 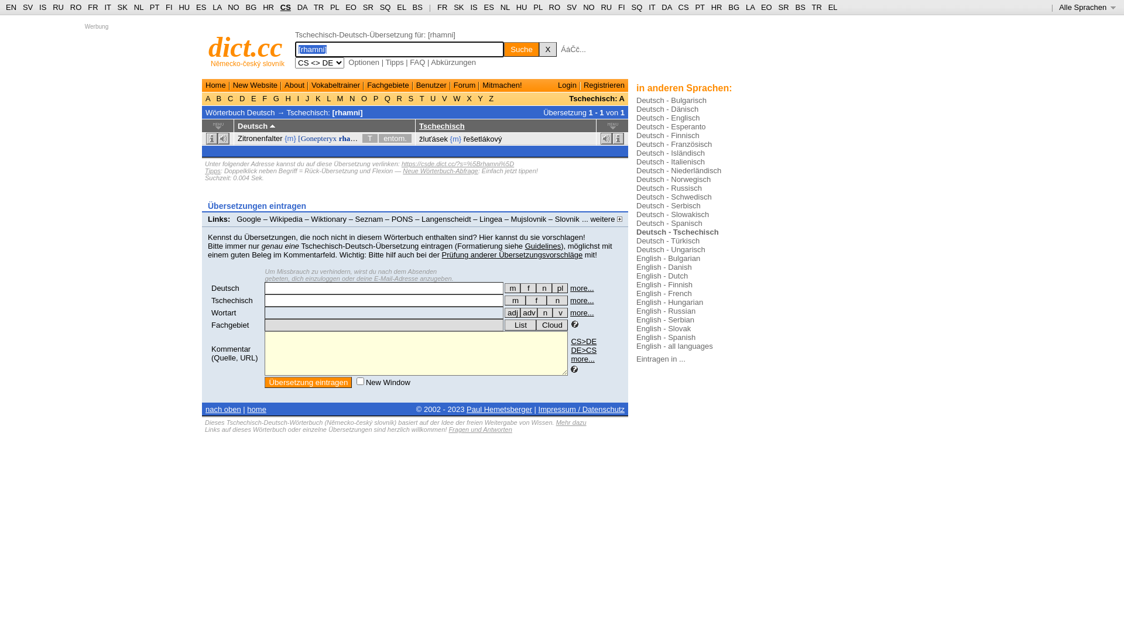 What do you see at coordinates (417, 62) in the screenshot?
I see `'FAQ'` at bounding box center [417, 62].